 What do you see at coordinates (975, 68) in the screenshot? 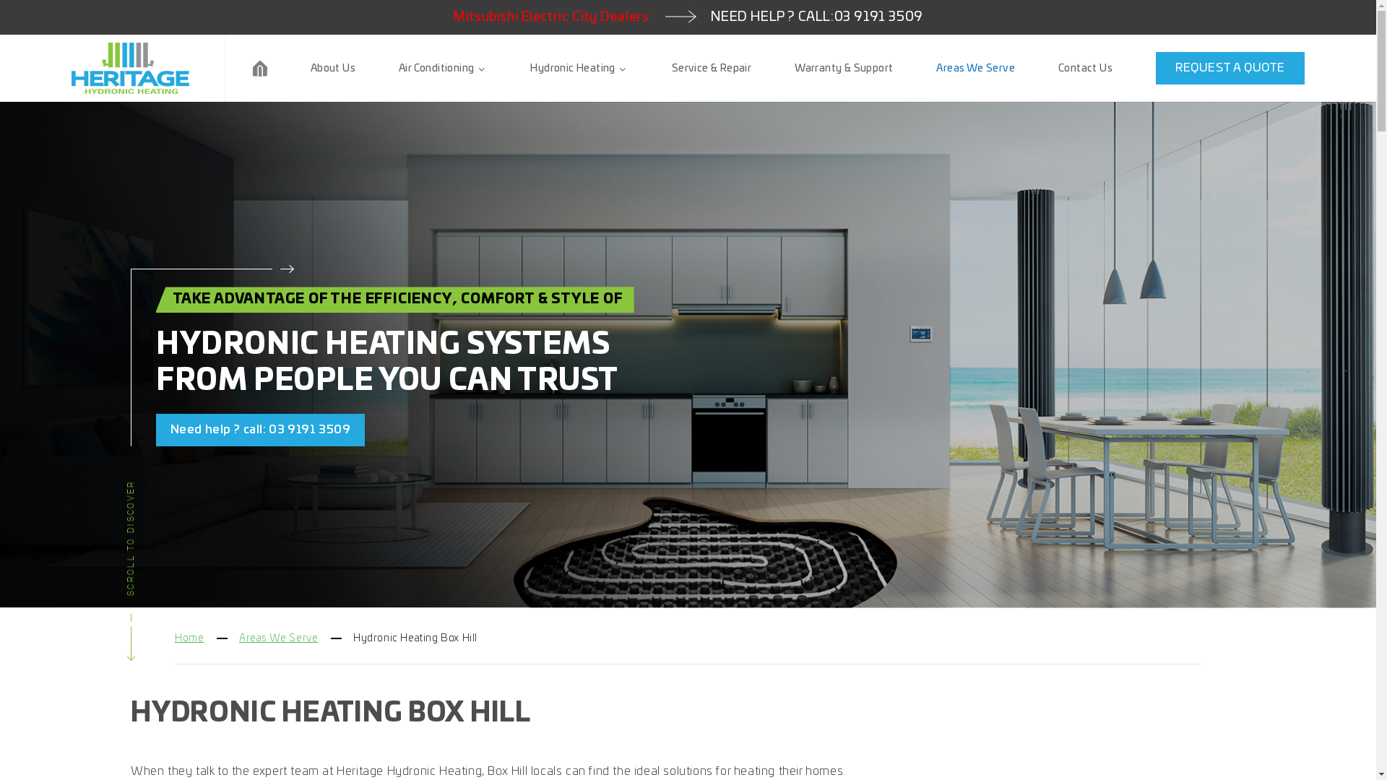
I see `'Areas We Serve'` at bounding box center [975, 68].